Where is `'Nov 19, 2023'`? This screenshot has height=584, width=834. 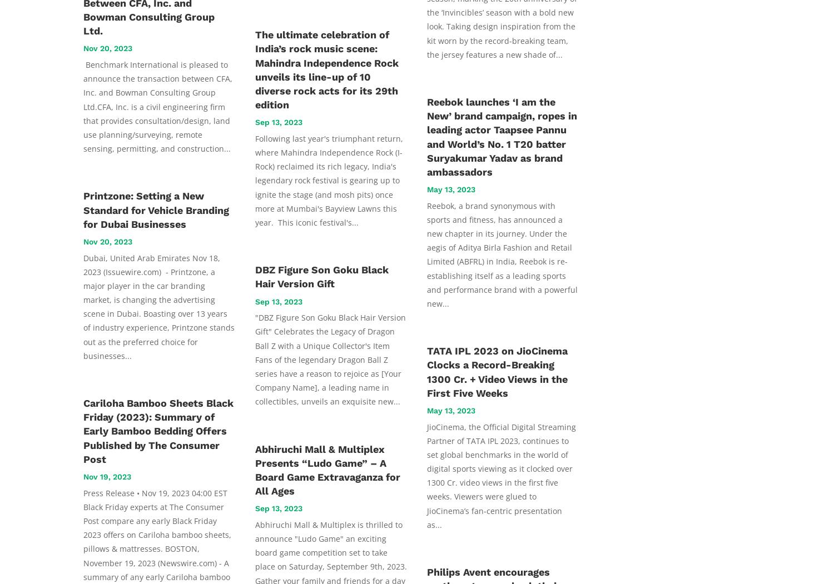 'Nov 19, 2023' is located at coordinates (107, 475).